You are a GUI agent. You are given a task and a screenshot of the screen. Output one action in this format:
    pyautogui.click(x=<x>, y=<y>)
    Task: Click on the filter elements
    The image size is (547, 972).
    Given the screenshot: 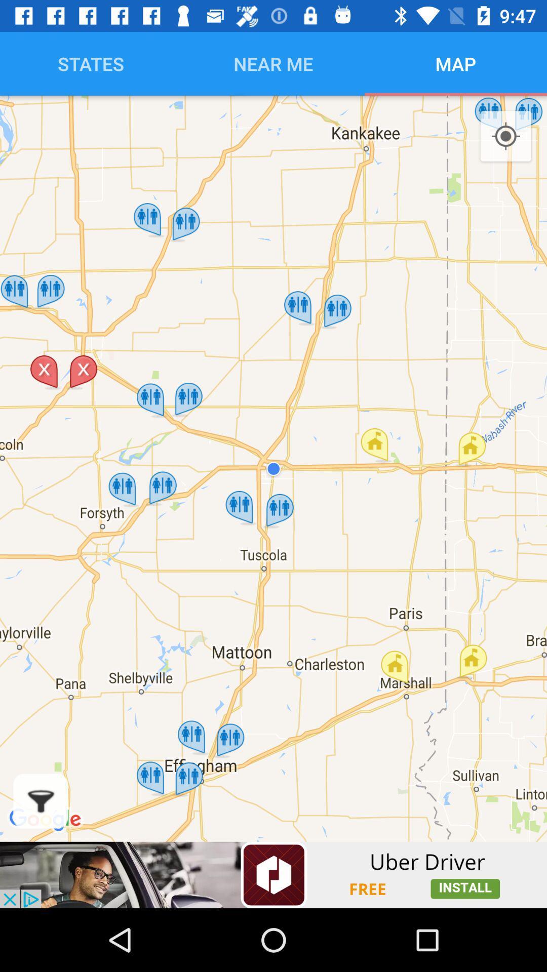 What is the action you would take?
    pyautogui.click(x=40, y=800)
    